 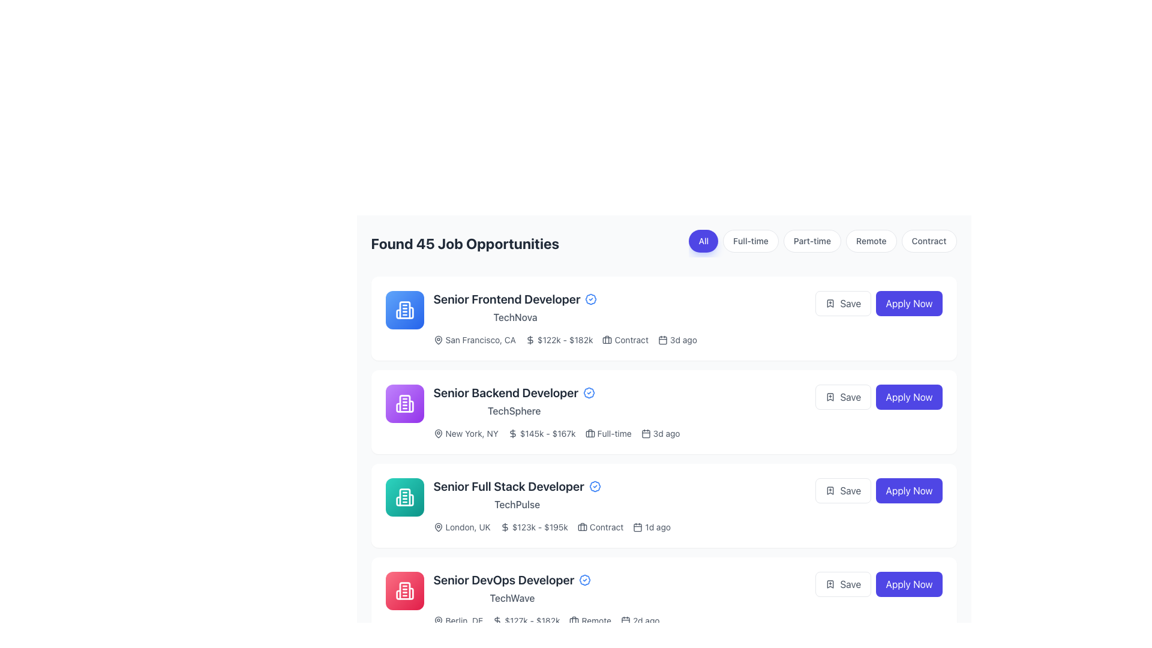 I want to click on the geographical location icon located to the left of 'San Francisco, CA' in the first job listing on the page, so click(x=437, y=340).